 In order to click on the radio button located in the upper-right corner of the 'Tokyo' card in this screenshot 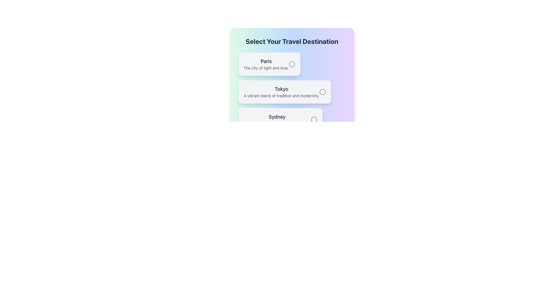, I will do `click(323, 92)`.